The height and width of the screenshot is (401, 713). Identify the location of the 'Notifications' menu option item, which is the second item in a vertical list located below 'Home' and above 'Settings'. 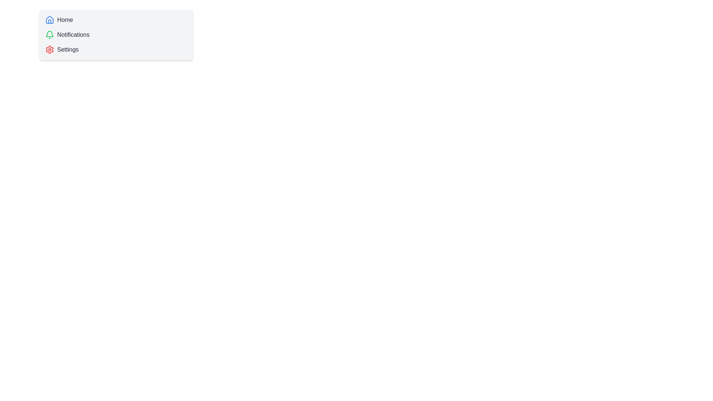
(116, 35).